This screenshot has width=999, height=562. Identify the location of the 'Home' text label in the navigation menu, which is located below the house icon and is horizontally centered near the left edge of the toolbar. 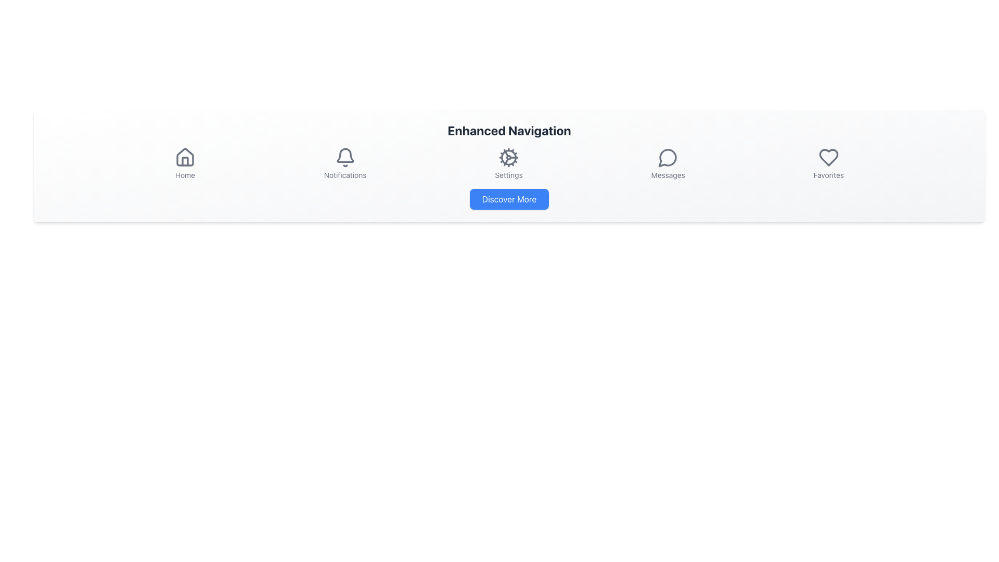
(185, 174).